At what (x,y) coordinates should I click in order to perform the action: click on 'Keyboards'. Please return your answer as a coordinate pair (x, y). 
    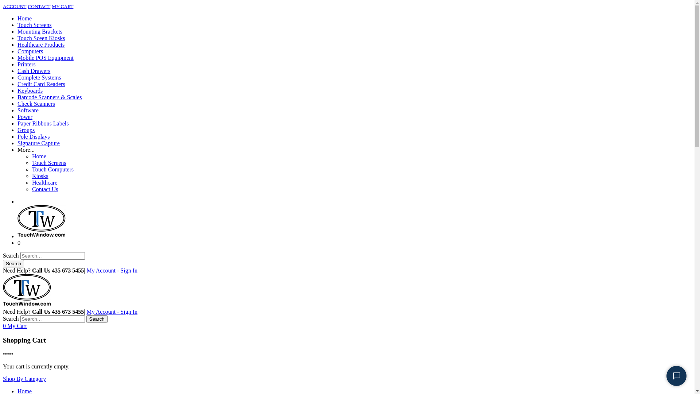
    Looking at the image, I should click on (30, 90).